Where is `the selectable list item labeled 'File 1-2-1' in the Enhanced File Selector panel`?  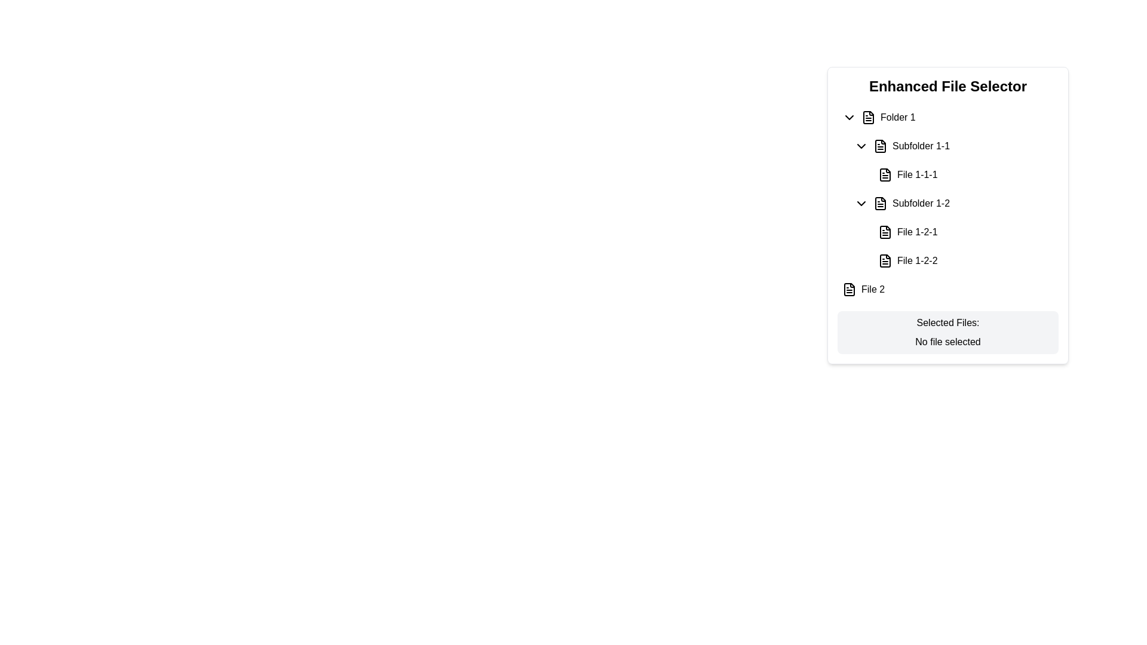
the selectable list item labeled 'File 1-2-1' in the Enhanced File Selector panel is located at coordinates (966, 232).